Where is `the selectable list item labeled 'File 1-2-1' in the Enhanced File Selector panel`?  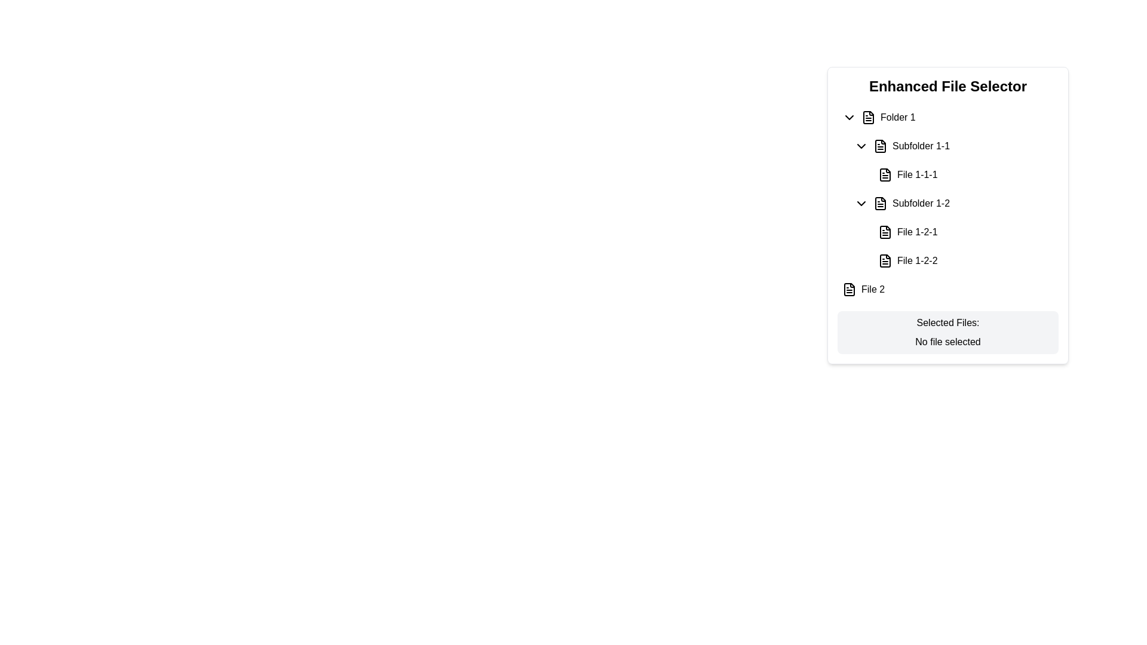
the selectable list item labeled 'File 1-2-1' in the Enhanced File Selector panel is located at coordinates (966, 232).